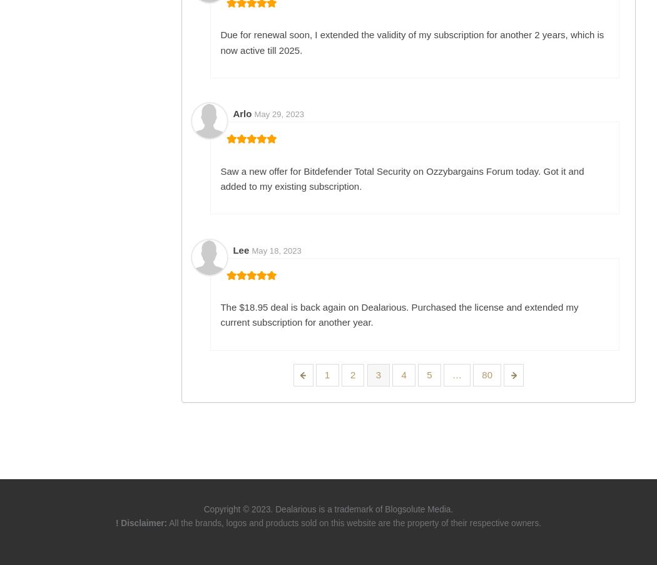  What do you see at coordinates (232, 113) in the screenshot?
I see `'Arlo'` at bounding box center [232, 113].